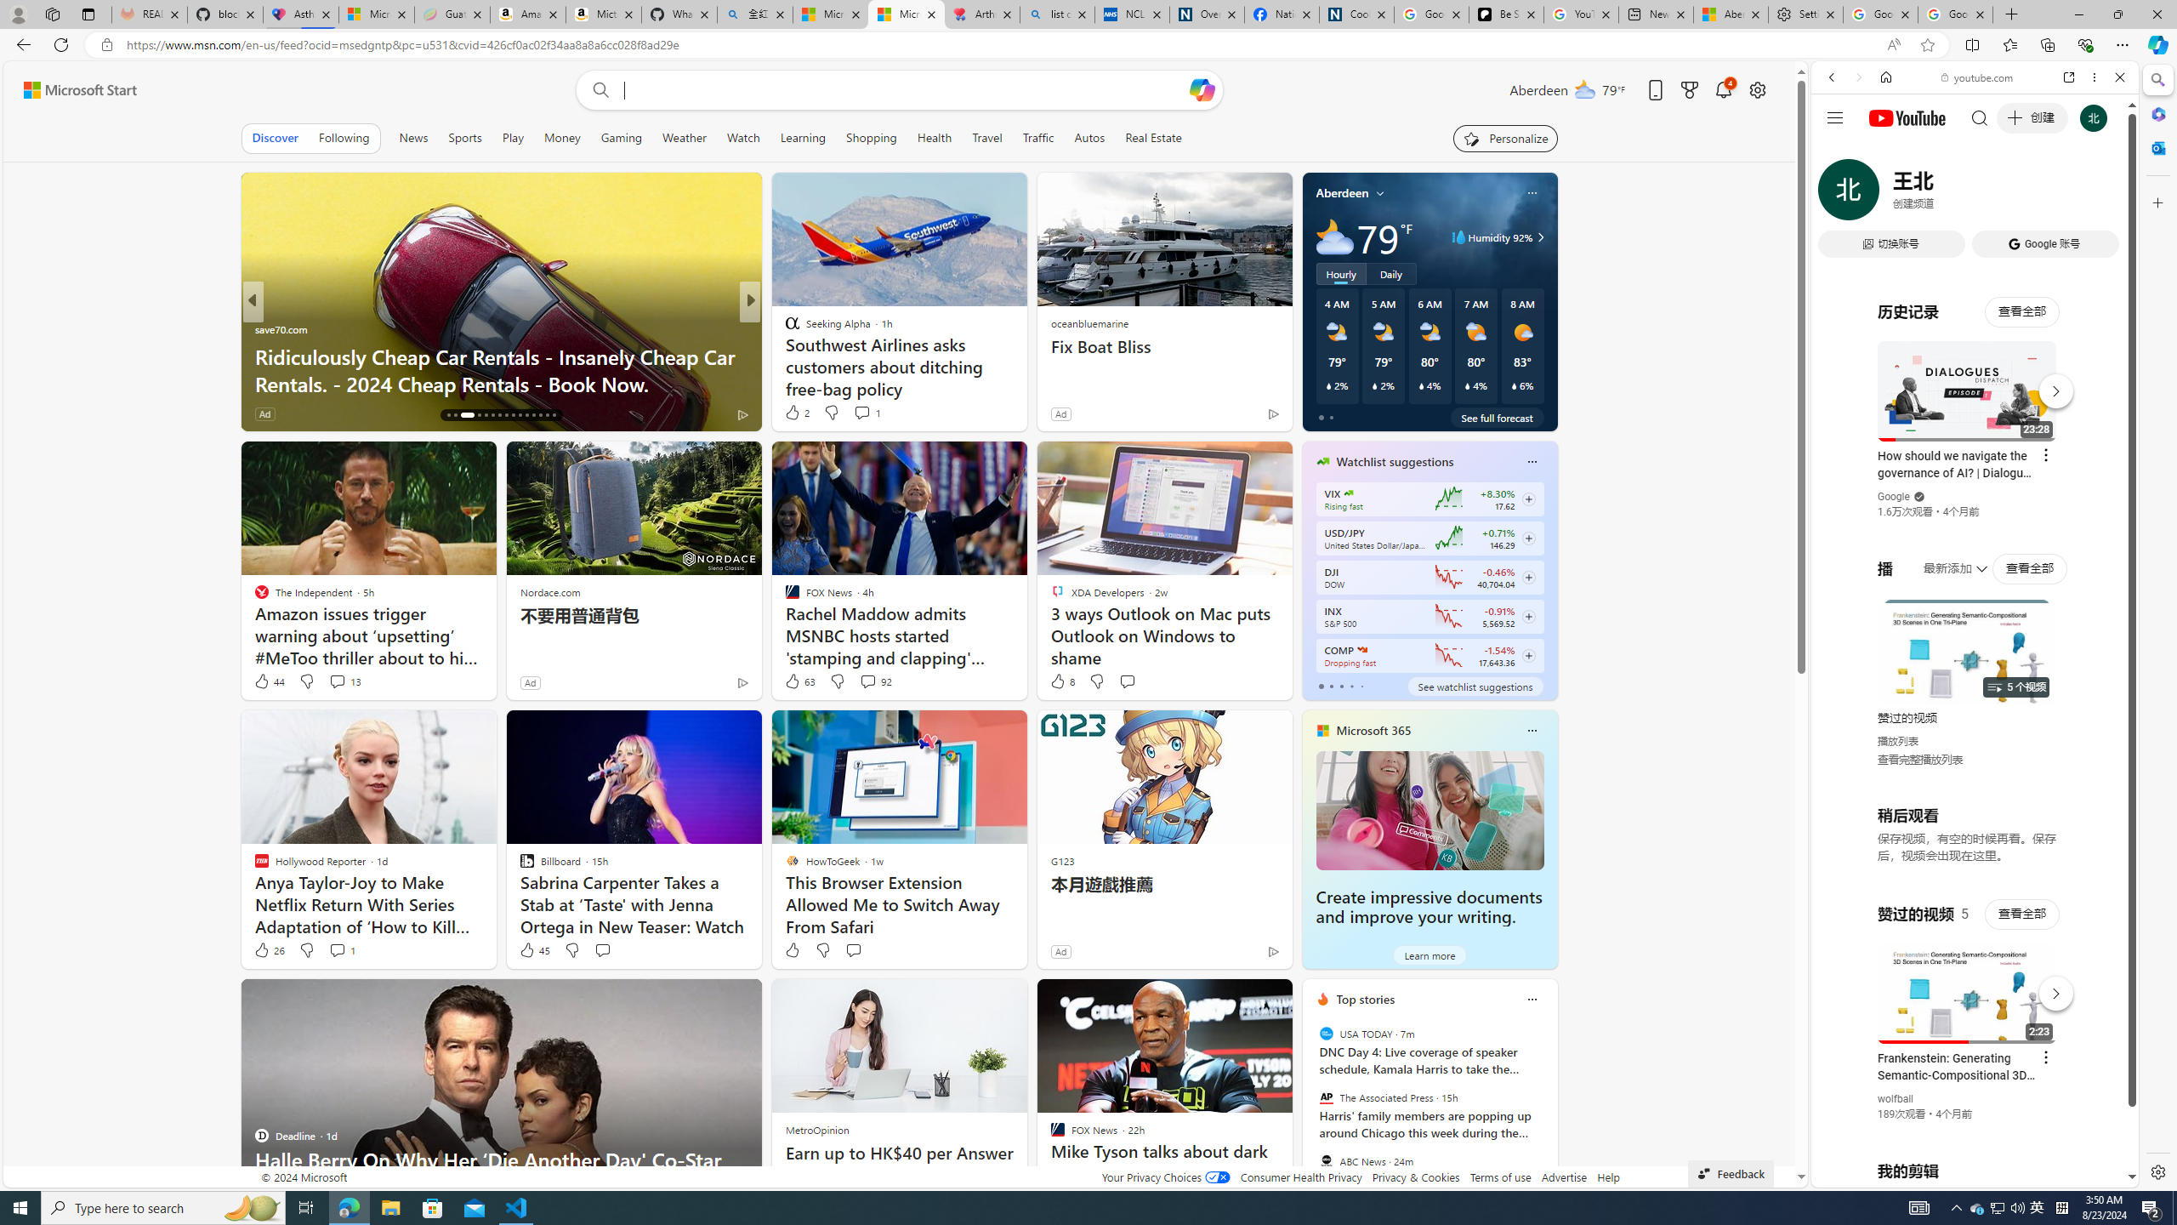 This screenshot has width=2177, height=1225. I want to click on '44 Like', so click(268, 681).